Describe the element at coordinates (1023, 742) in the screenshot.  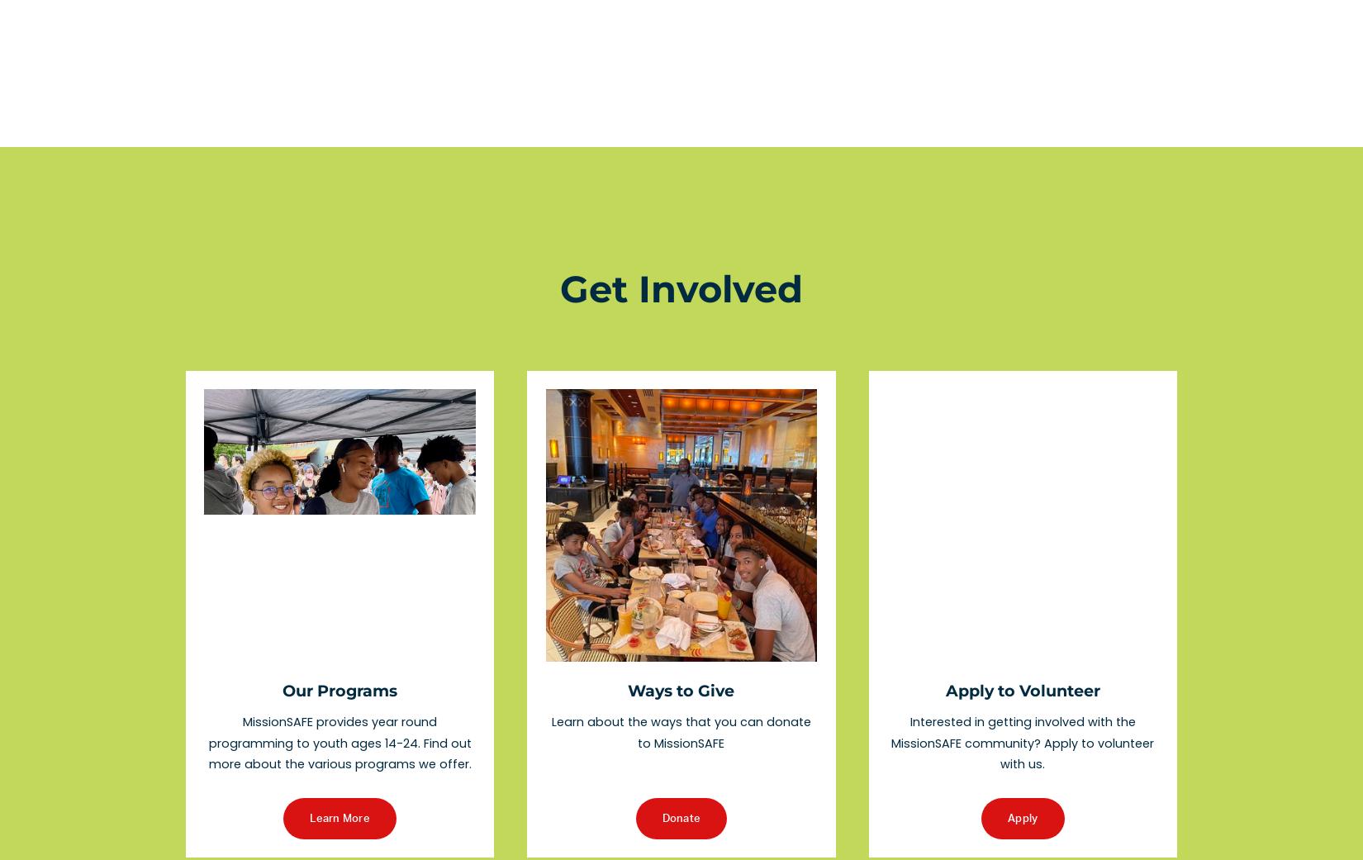
I see `'Interested in getting involved with the MissionSAFE community? Apply to volunteer with us.'` at that location.